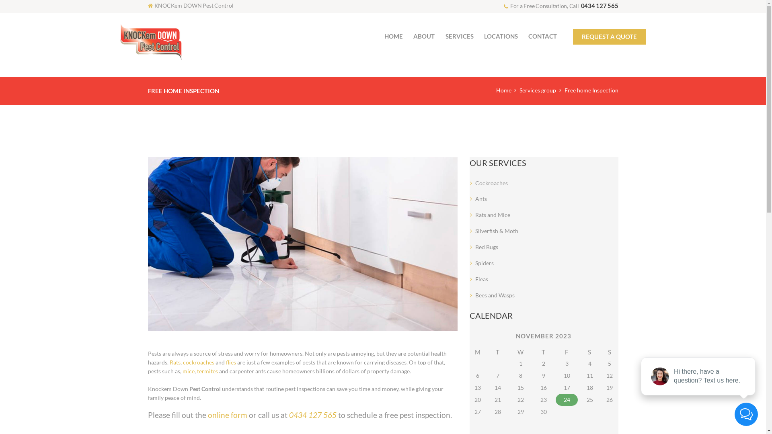  I want to click on '0434 127 565', so click(599, 6).